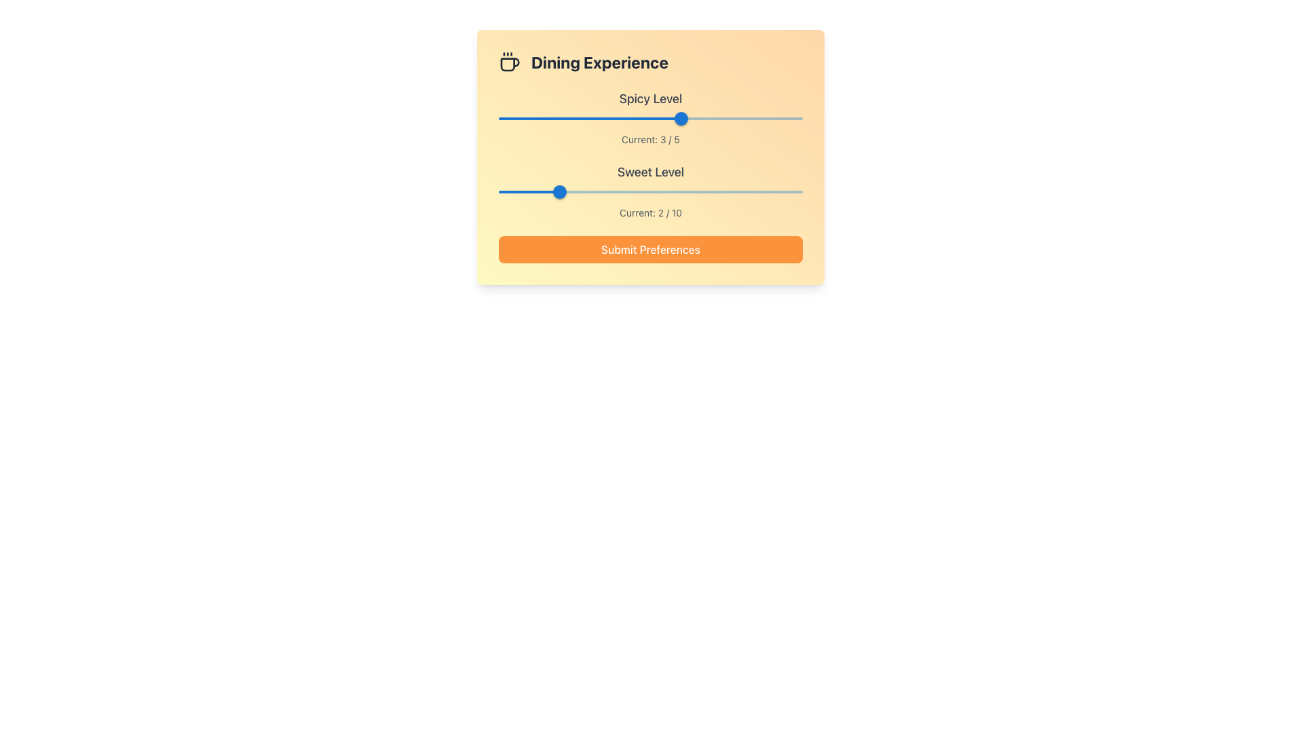 The image size is (1303, 733). What do you see at coordinates (509, 64) in the screenshot?
I see `the body of the coffee cup icon located at the top left corner of the 'Dining Experience' card` at bounding box center [509, 64].